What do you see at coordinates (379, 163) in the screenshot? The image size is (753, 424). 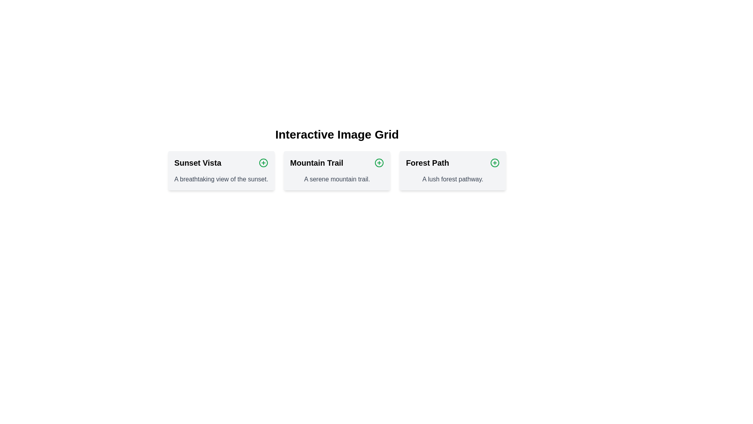 I see `the green circular icon with a plus symbol at its center located in the 'Mountain Trail' card` at bounding box center [379, 163].